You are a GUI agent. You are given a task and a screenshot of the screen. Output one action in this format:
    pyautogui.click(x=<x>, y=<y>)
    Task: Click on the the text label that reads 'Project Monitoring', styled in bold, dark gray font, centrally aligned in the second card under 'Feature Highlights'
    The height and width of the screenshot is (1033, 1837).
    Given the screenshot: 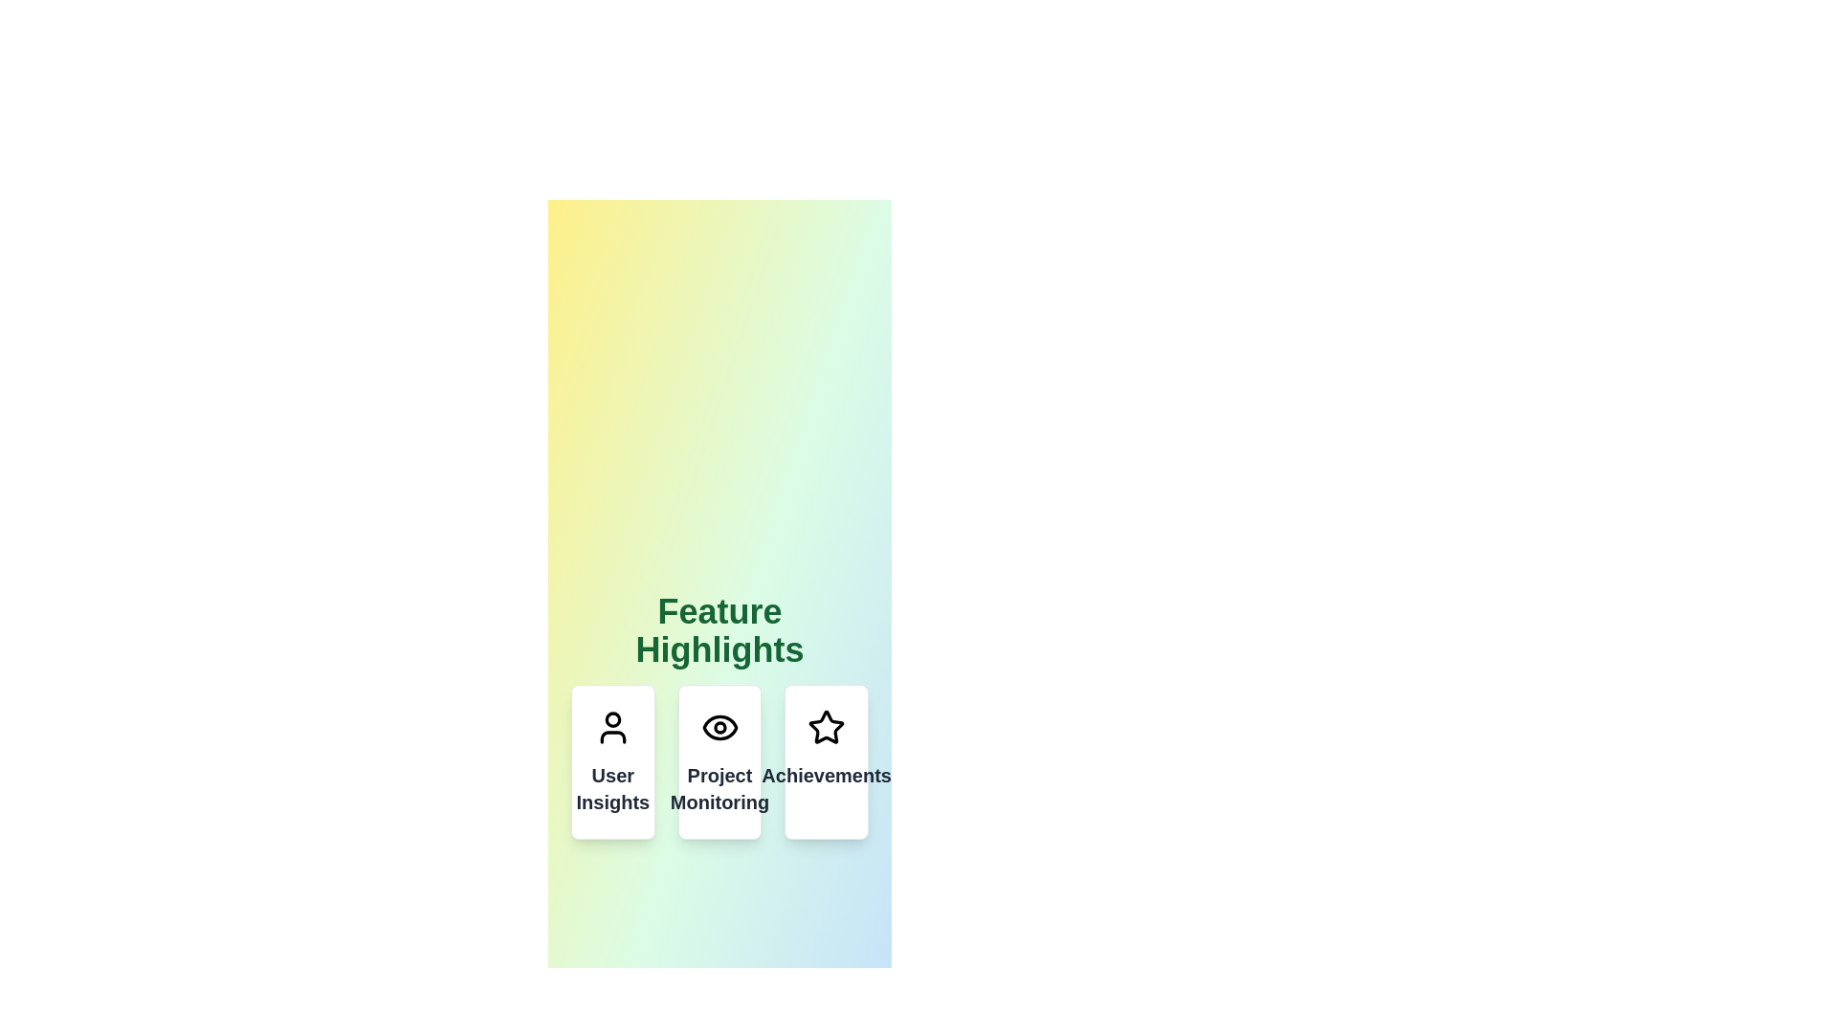 What is the action you would take?
    pyautogui.click(x=719, y=789)
    